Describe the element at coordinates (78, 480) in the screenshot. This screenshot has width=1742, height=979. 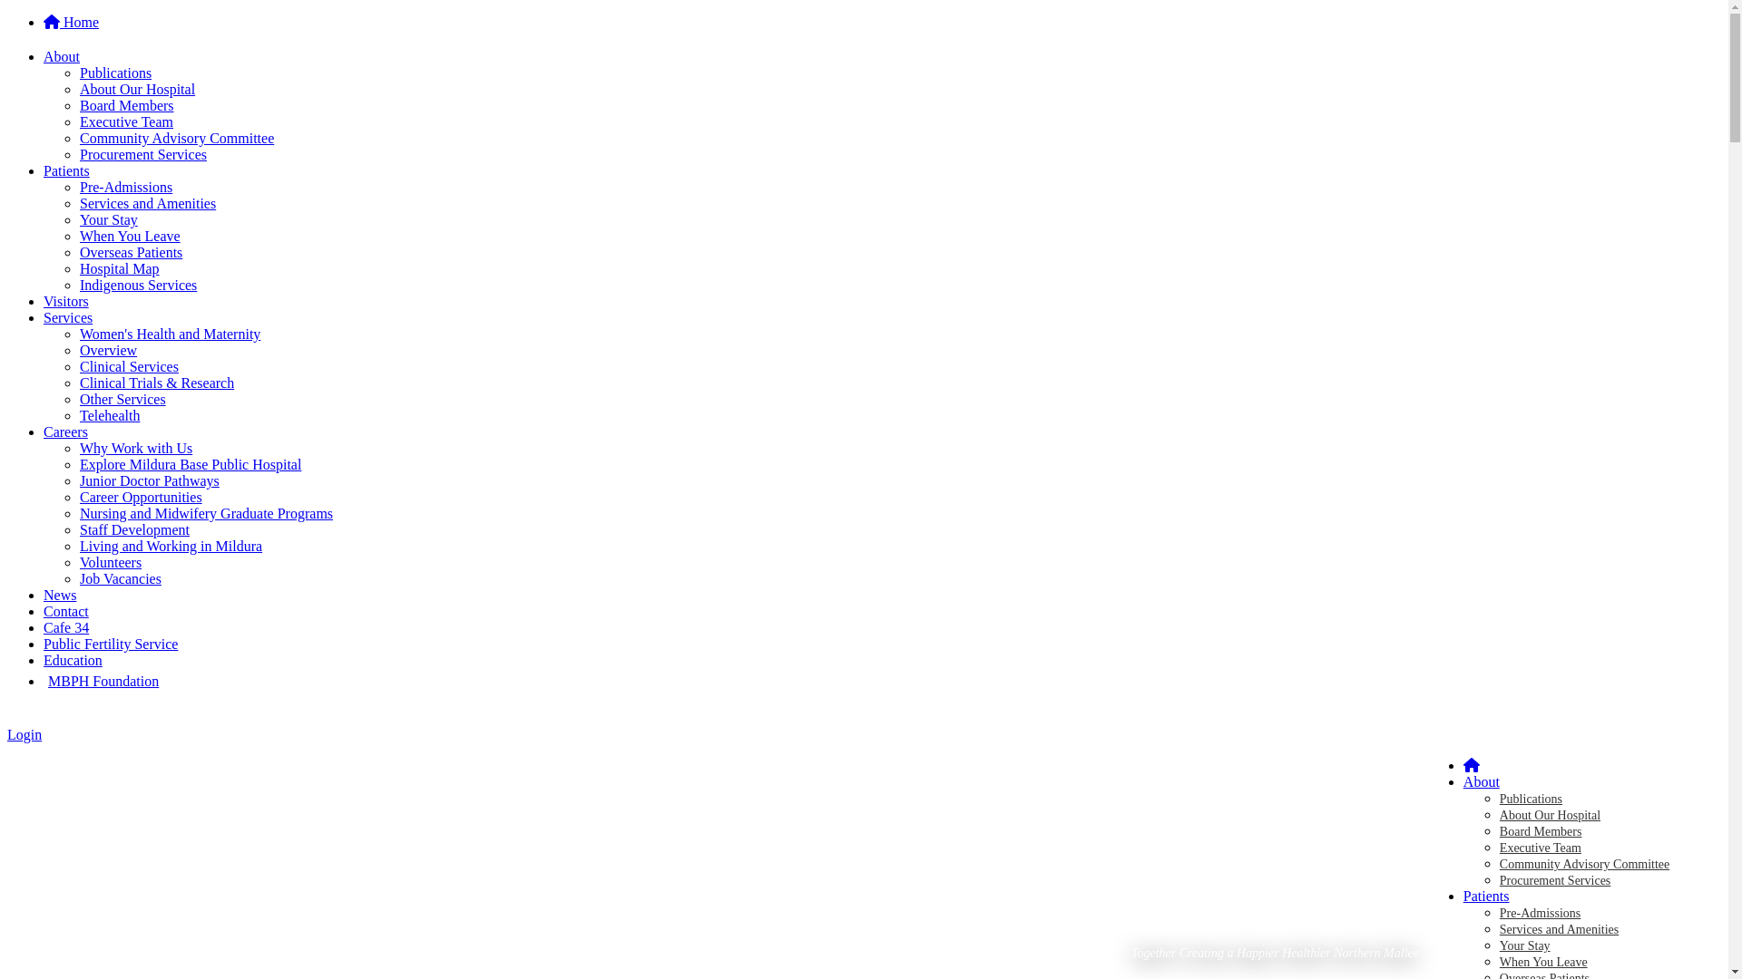
I see `'Junior Doctor Pathways'` at that location.